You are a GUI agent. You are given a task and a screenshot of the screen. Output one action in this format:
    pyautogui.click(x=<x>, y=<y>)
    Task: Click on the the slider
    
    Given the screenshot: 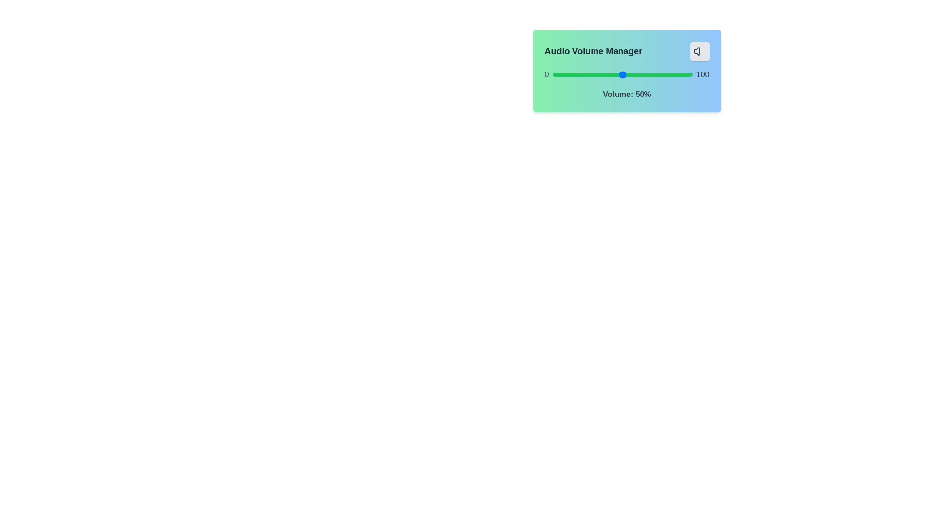 What is the action you would take?
    pyautogui.click(x=647, y=74)
    